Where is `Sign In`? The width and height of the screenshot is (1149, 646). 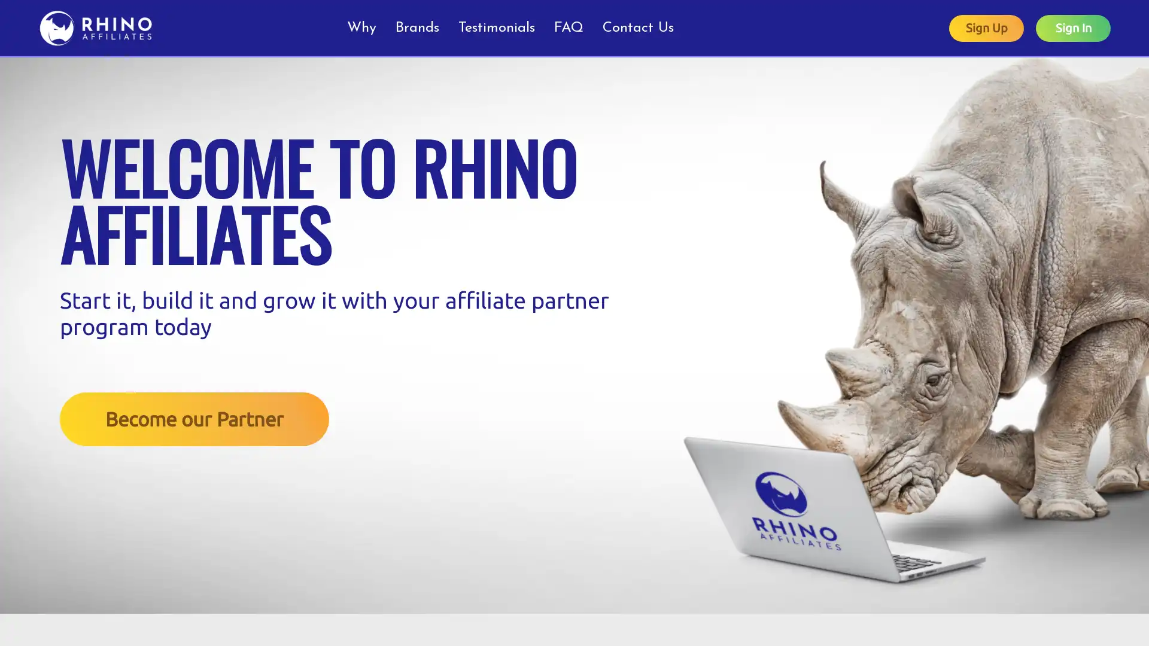 Sign In is located at coordinates (1073, 27).